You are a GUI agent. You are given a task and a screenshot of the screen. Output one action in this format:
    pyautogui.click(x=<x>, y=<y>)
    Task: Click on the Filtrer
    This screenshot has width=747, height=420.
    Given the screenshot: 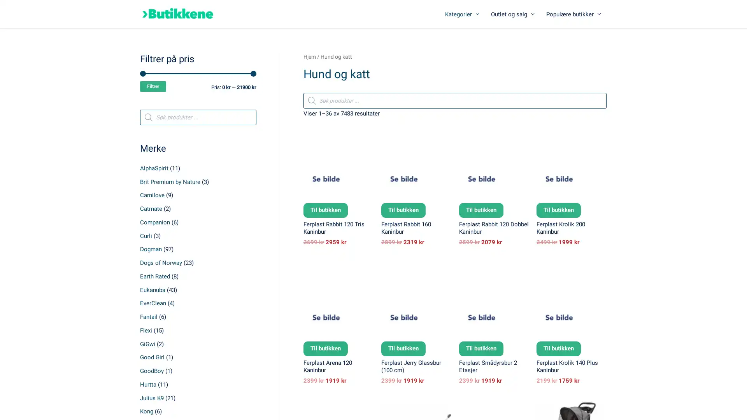 What is the action you would take?
    pyautogui.click(x=153, y=86)
    